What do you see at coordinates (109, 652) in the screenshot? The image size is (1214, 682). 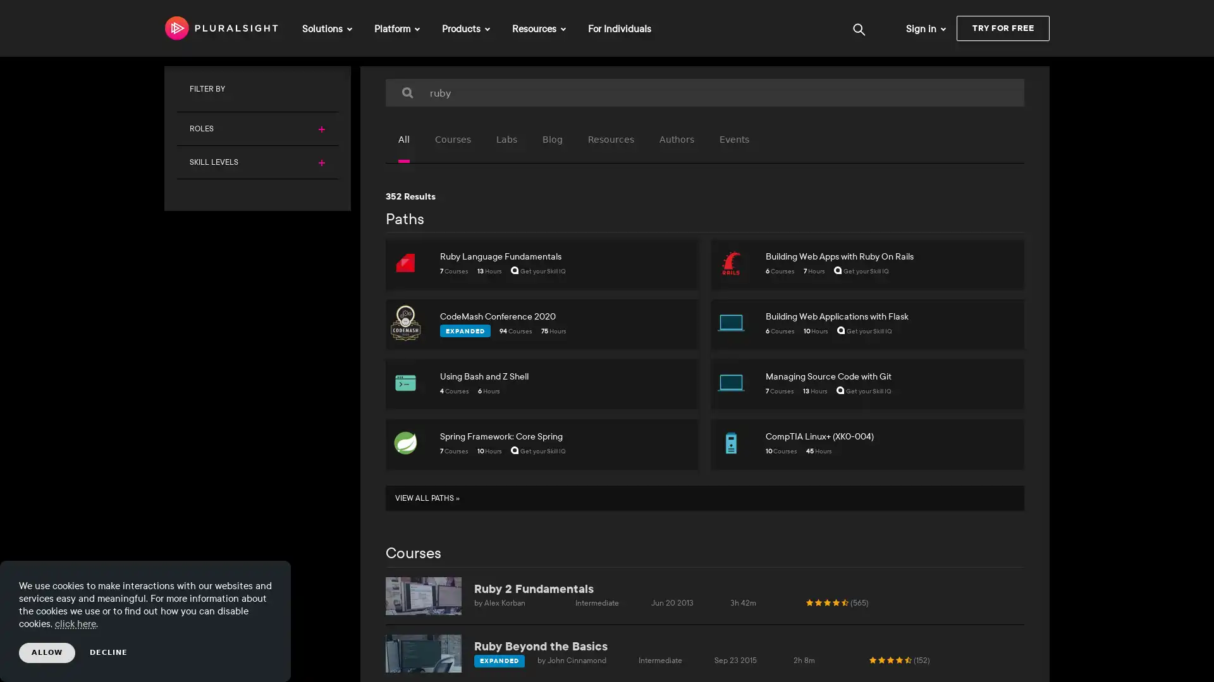 I see `DECLINE` at bounding box center [109, 652].